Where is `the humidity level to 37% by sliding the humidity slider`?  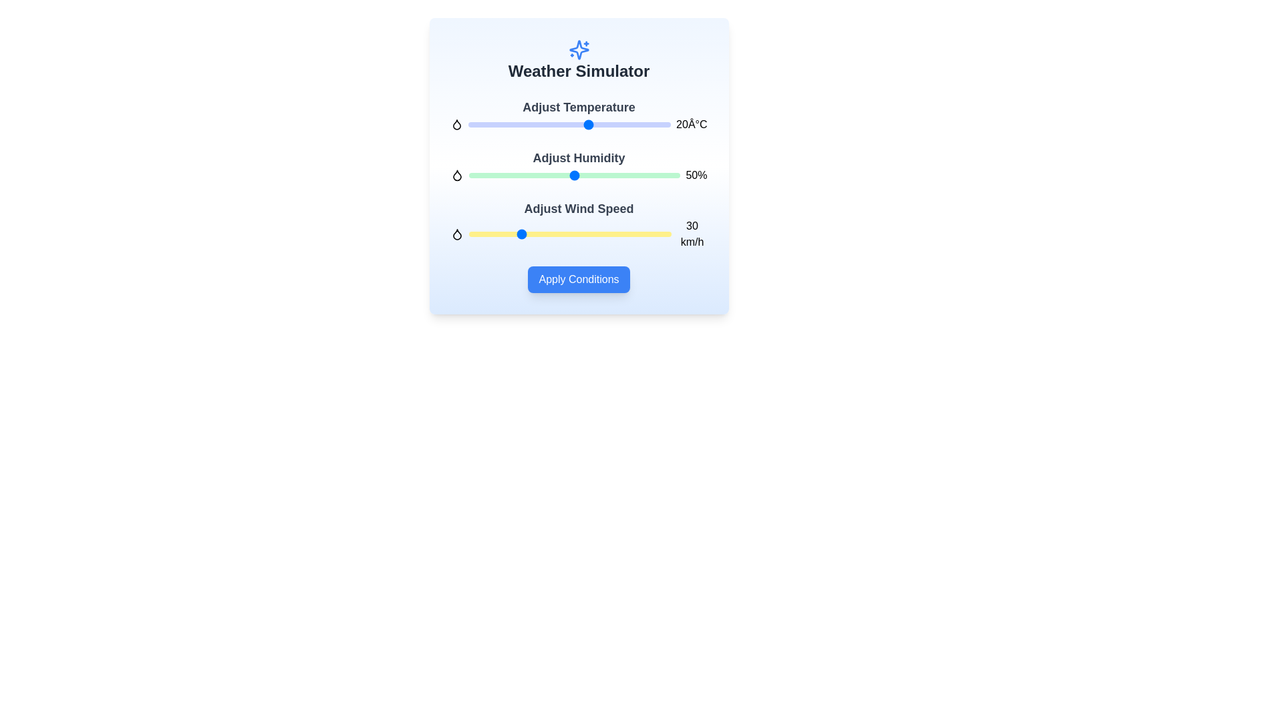
the humidity level to 37% by sliding the humidity slider is located at coordinates (547, 174).